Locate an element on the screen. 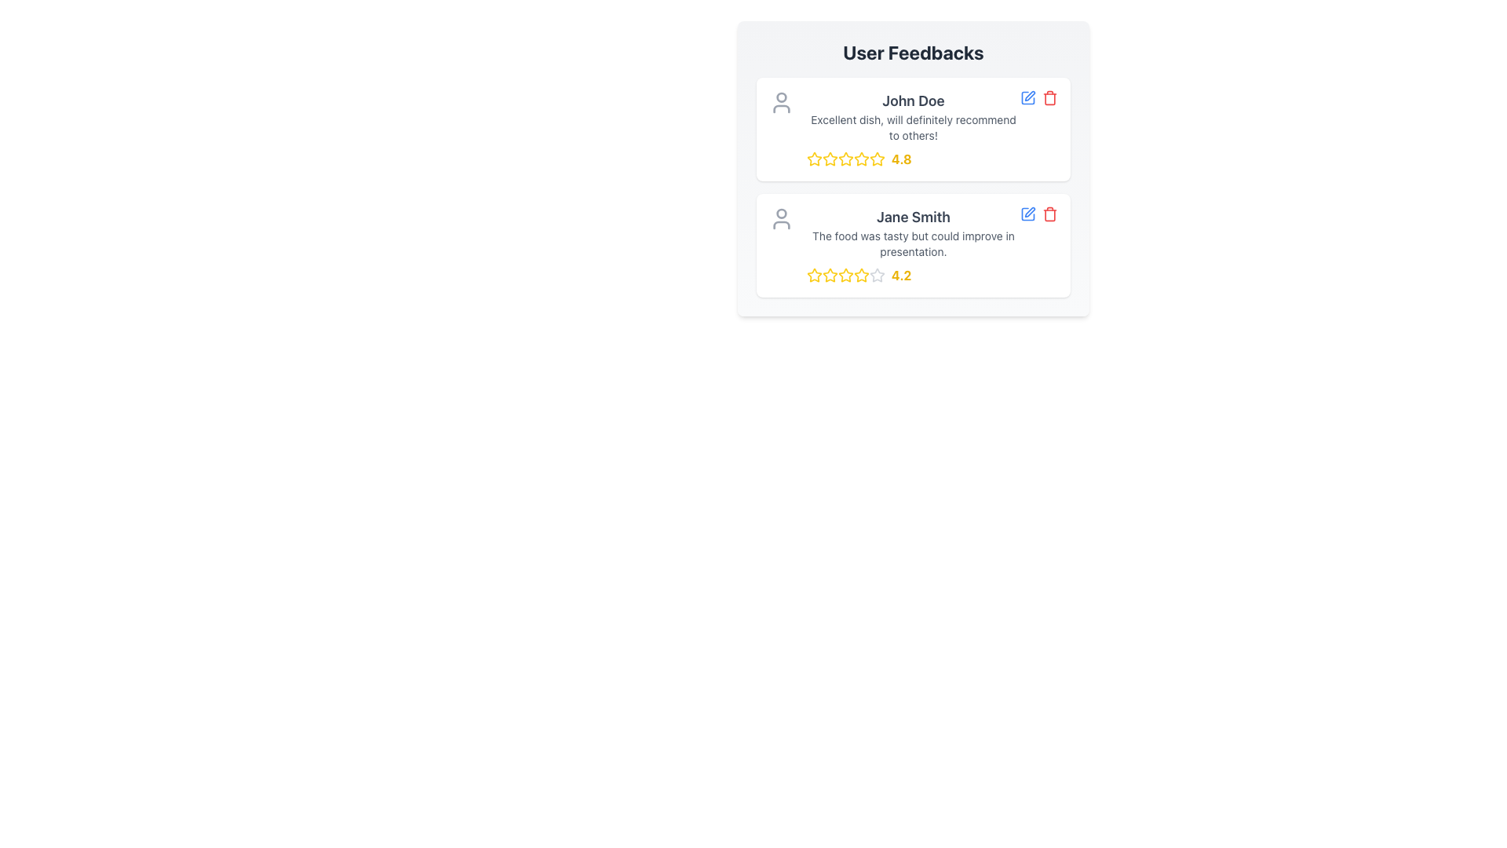  the user name text label located in the second feedback card of the 'User Feedbacks' section, positioned at the top of the card, above the feedback text and star ratings is located at coordinates (913, 217).